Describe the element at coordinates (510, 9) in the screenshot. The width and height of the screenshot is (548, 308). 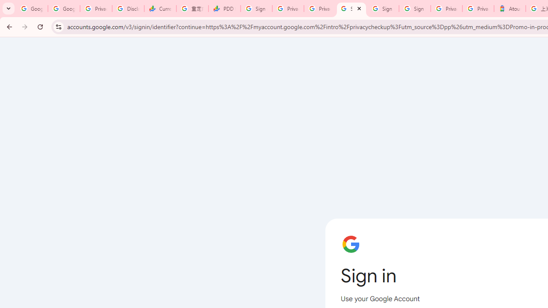
I see `'Atour Hotel - Google hotels'` at that location.